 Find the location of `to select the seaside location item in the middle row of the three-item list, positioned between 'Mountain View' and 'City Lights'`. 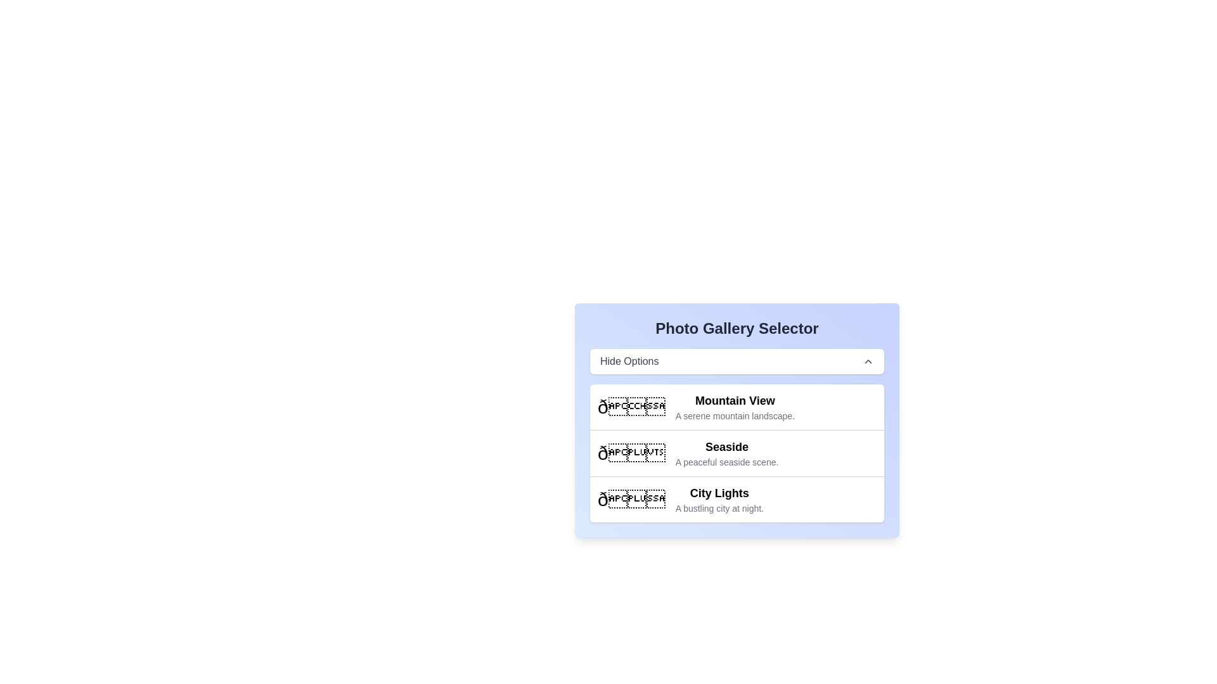

to select the seaside location item in the middle row of the three-item list, positioned between 'Mountain View' and 'City Lights' is located at coordinates (737, 452).